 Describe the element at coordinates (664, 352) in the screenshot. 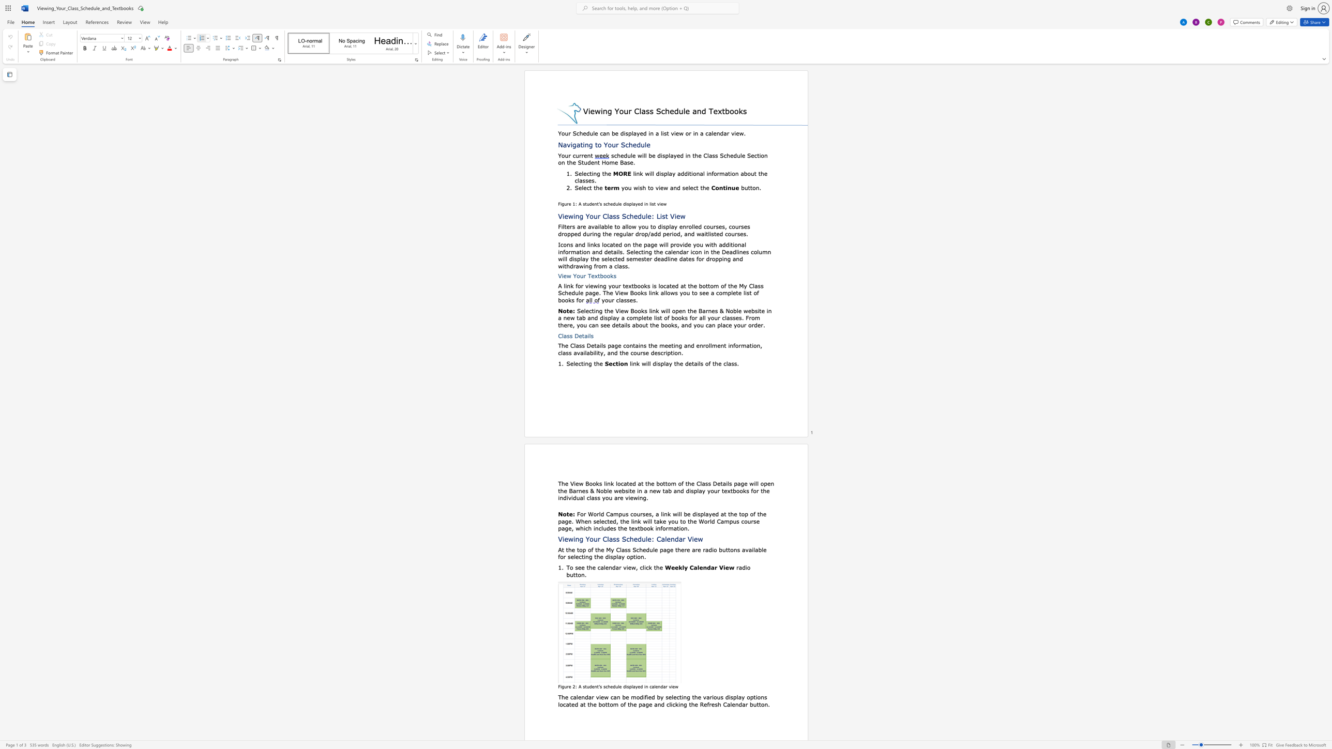

I see `the 4th character "r" in the text` at that location.